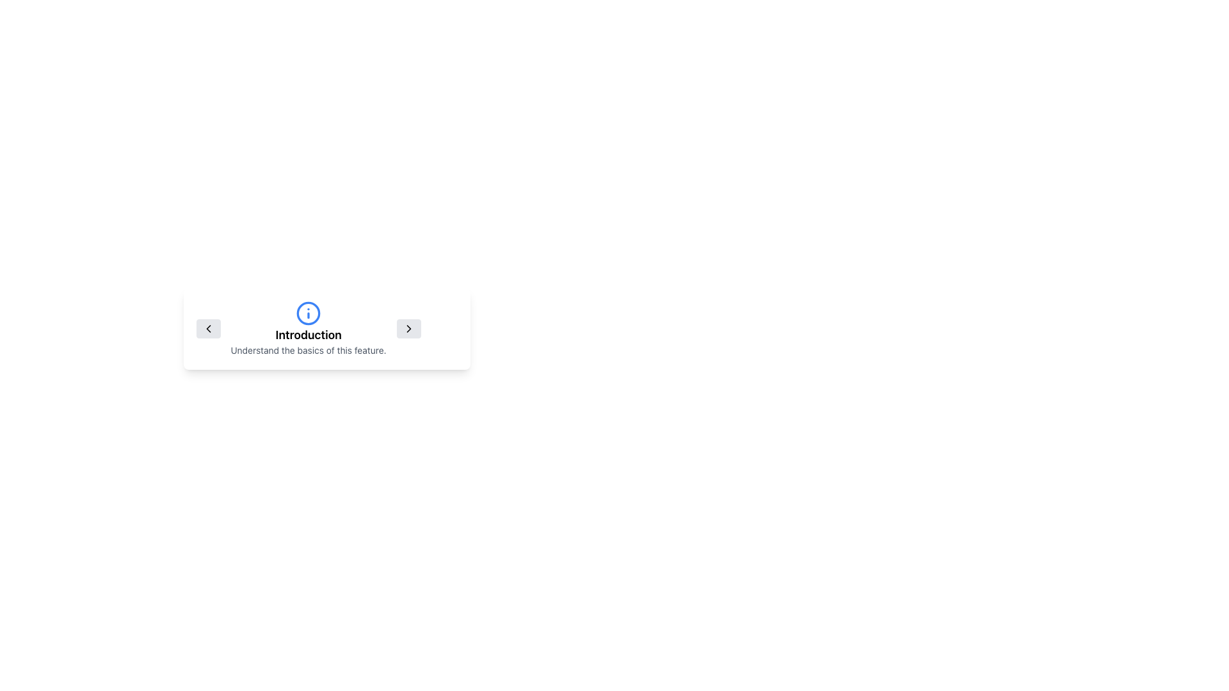 This screenshot has width=1229, height=691. I want to click on the small rectangular button with rounded corners and a light gray background, featuring a black right-pointing chevron icon, so click(408, 328).